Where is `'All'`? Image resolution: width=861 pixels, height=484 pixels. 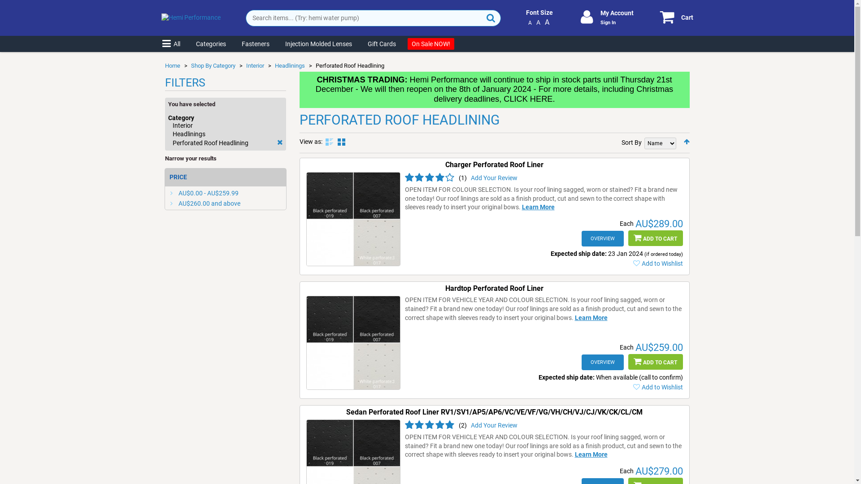
'All' is located at coordinates (170, 43).